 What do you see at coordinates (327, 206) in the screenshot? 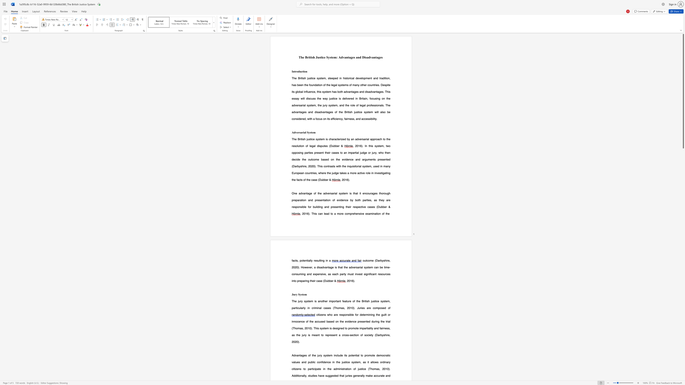
I see `the 2th character "n" in the text` at bounding box center [327, 206].